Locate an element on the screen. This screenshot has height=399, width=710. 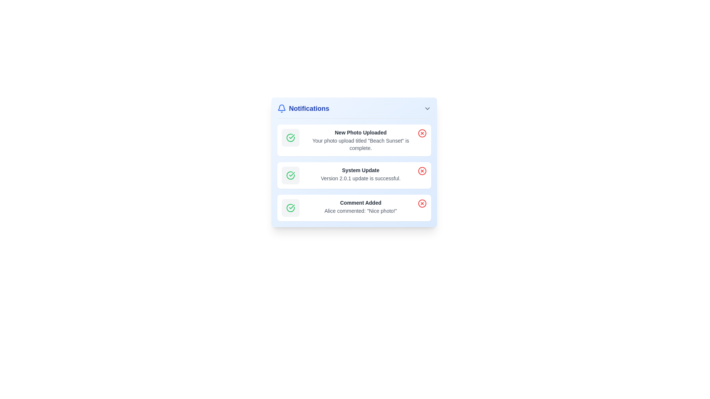
the Decorative icon with a green checkmark inside a white background, located to the left of the 'System Update' title in the notification list is located at coordinates (290, 175).